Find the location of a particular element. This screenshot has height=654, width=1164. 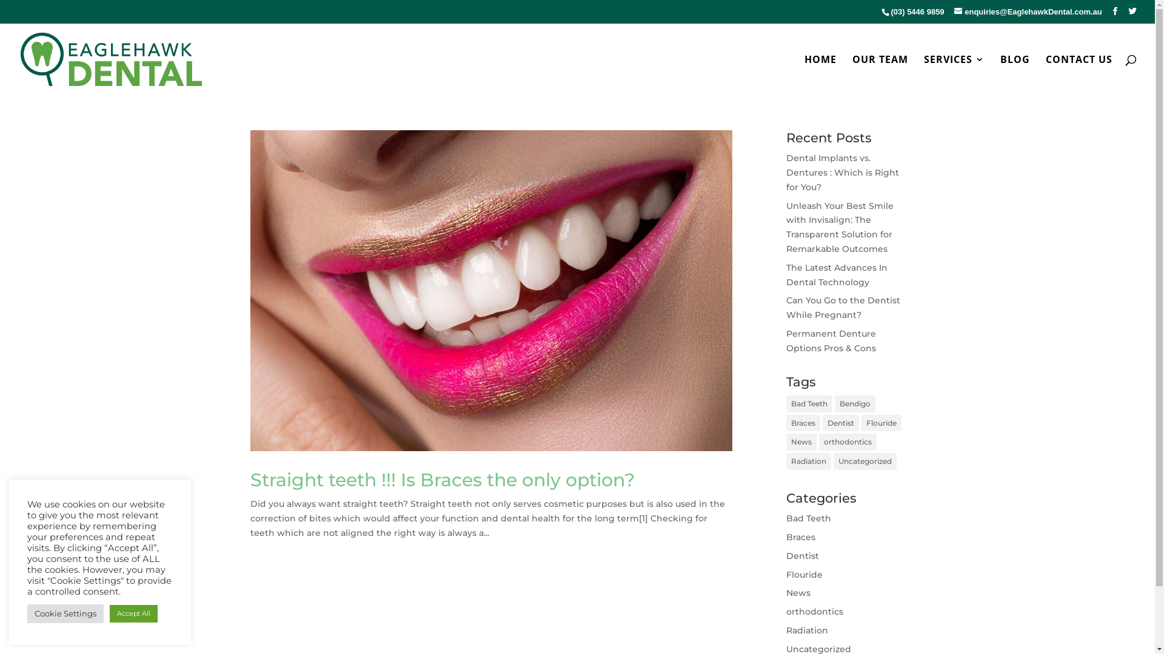

'enquiries@EaglehawkDental.com.au' is located at coordinates (1027, 12).